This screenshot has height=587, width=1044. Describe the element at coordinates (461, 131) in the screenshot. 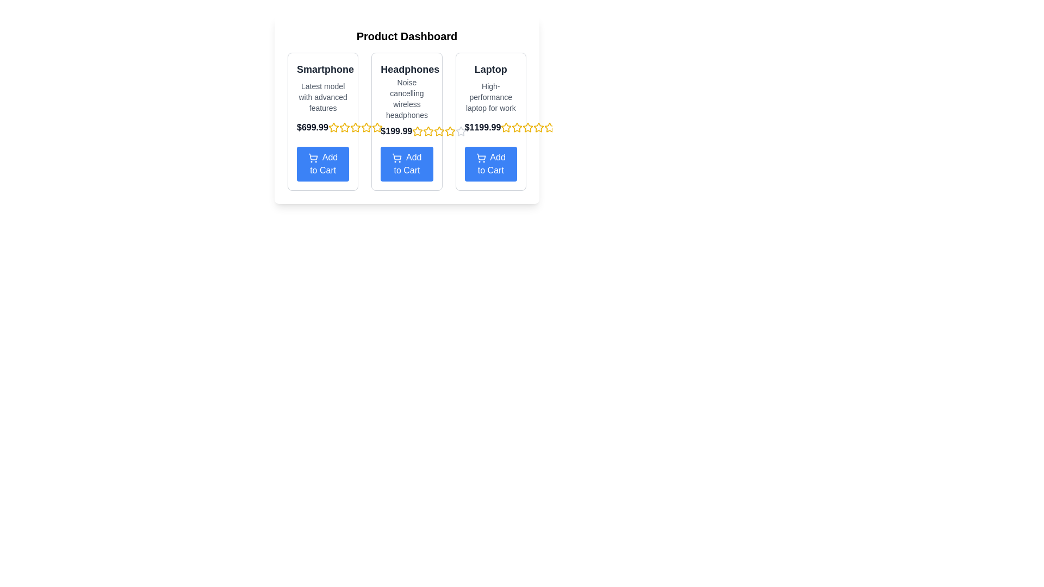

I see `the 10th hollow star icon with a gray outline in the rating bar under the 'Laptop' product card` at that location.